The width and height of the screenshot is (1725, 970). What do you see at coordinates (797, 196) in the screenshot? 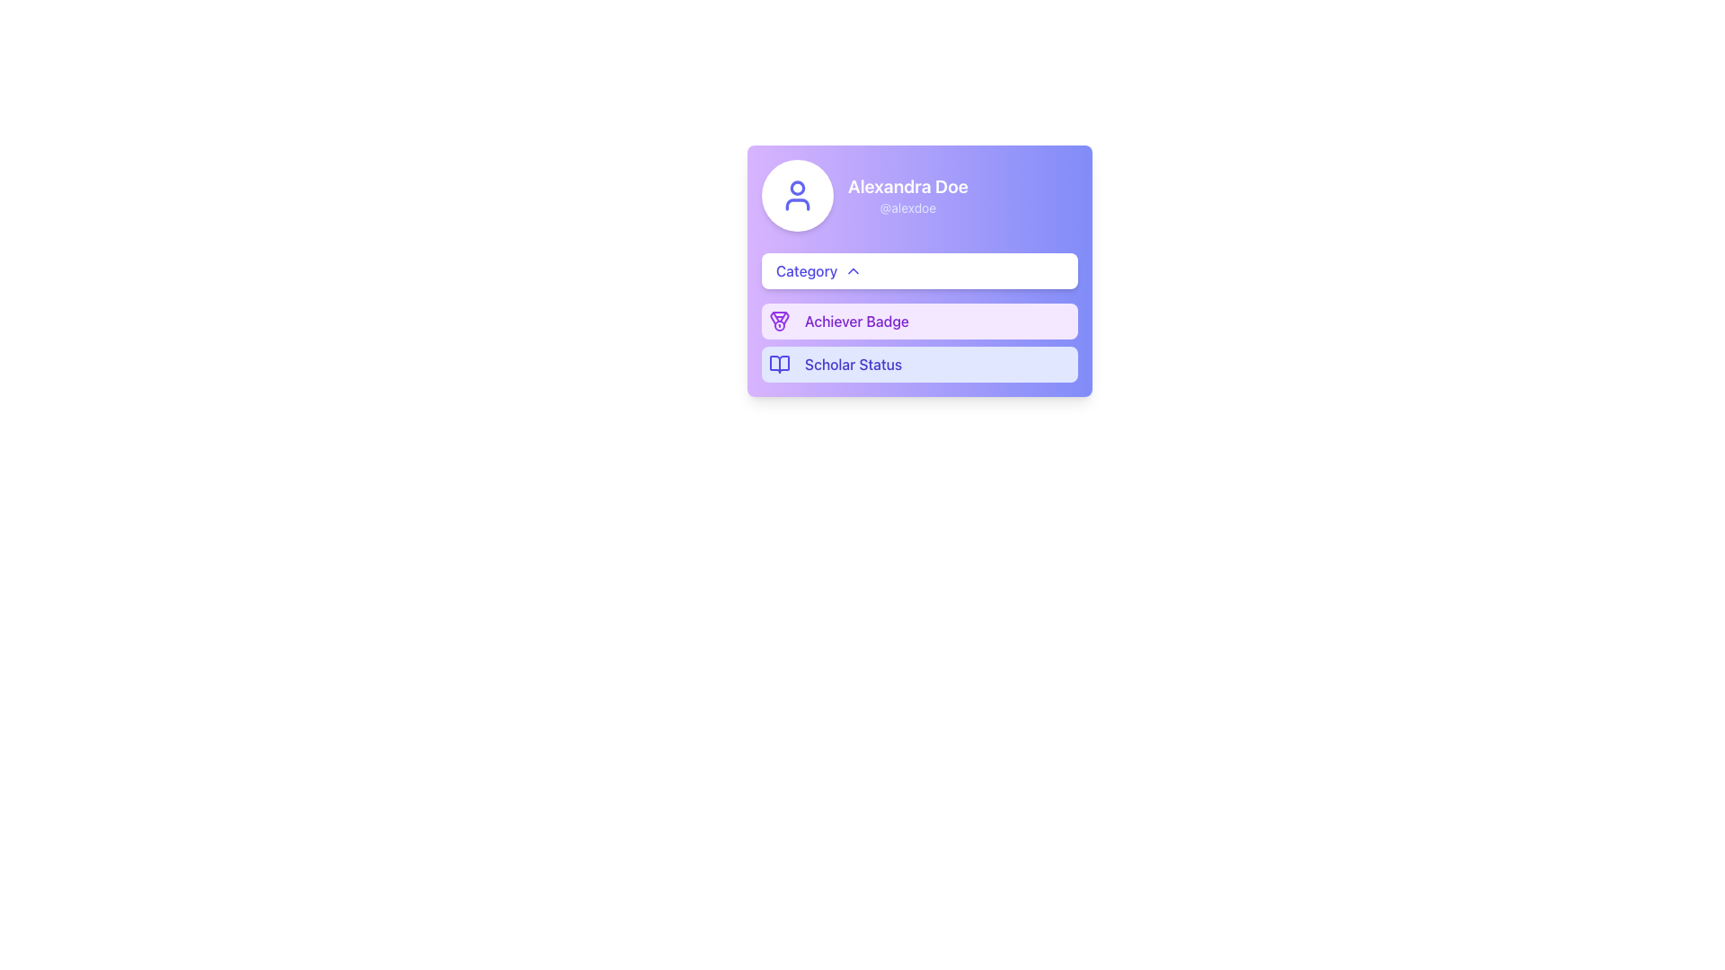
I see `SVG graphic representing the user icon, which features a 2px indigo stroke line and is contained within a circular badge, located at the top left of a card-like interface` at bounding box center [797, 196].